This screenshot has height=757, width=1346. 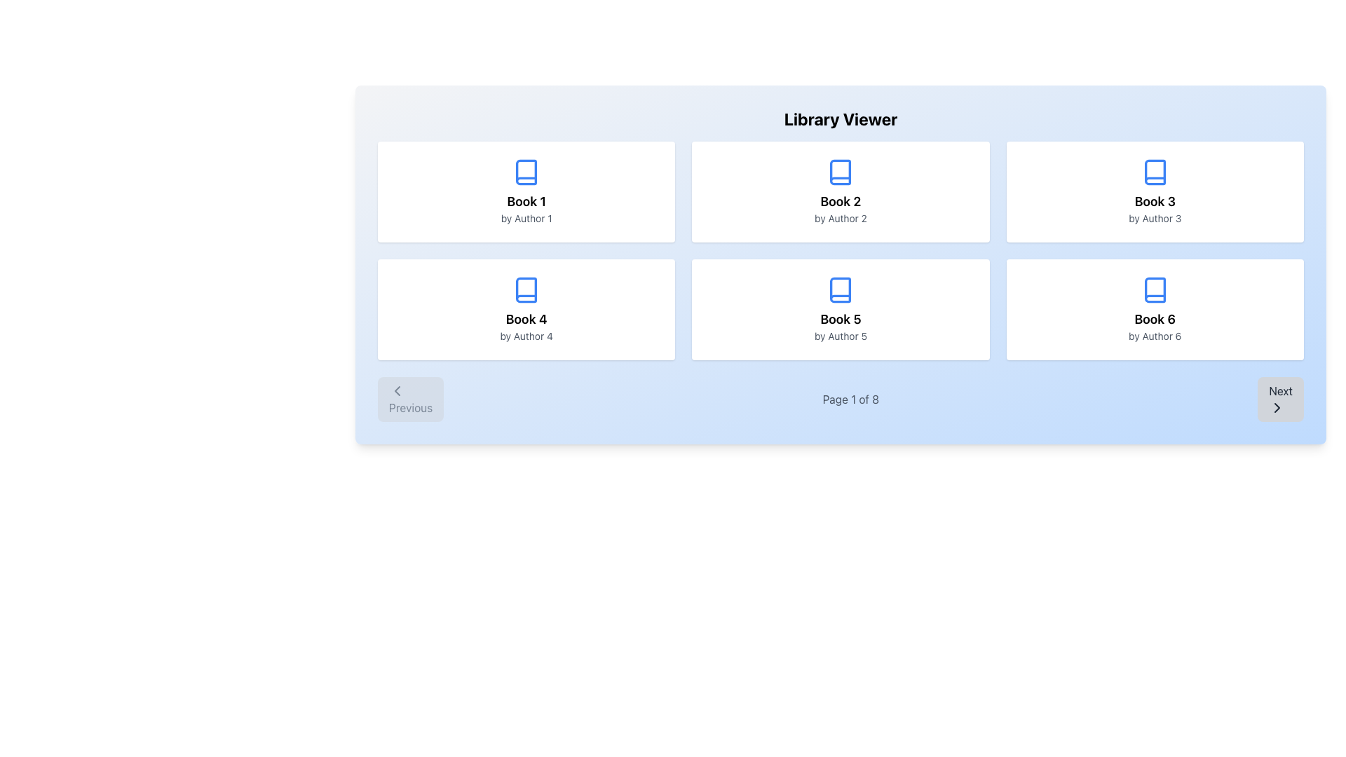 I want to click on the SVG icon representing a book with a blue outline, located at the top of the card for 'Book 3 by Author 3', so click(x=1155, y=172).